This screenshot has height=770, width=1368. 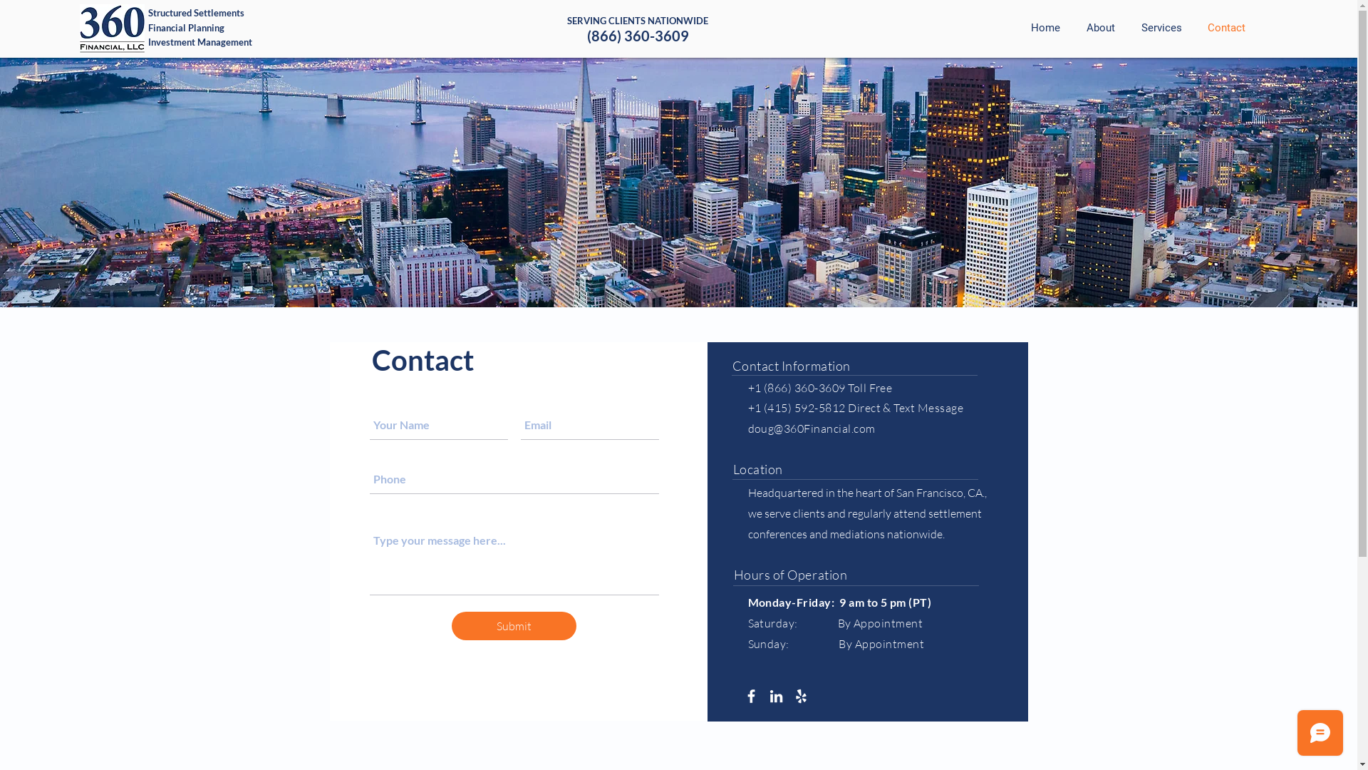 What do you see at coordinates (1043, 27) in the screenshot?
I see `'Home'` at bounding box center [1043, 27].